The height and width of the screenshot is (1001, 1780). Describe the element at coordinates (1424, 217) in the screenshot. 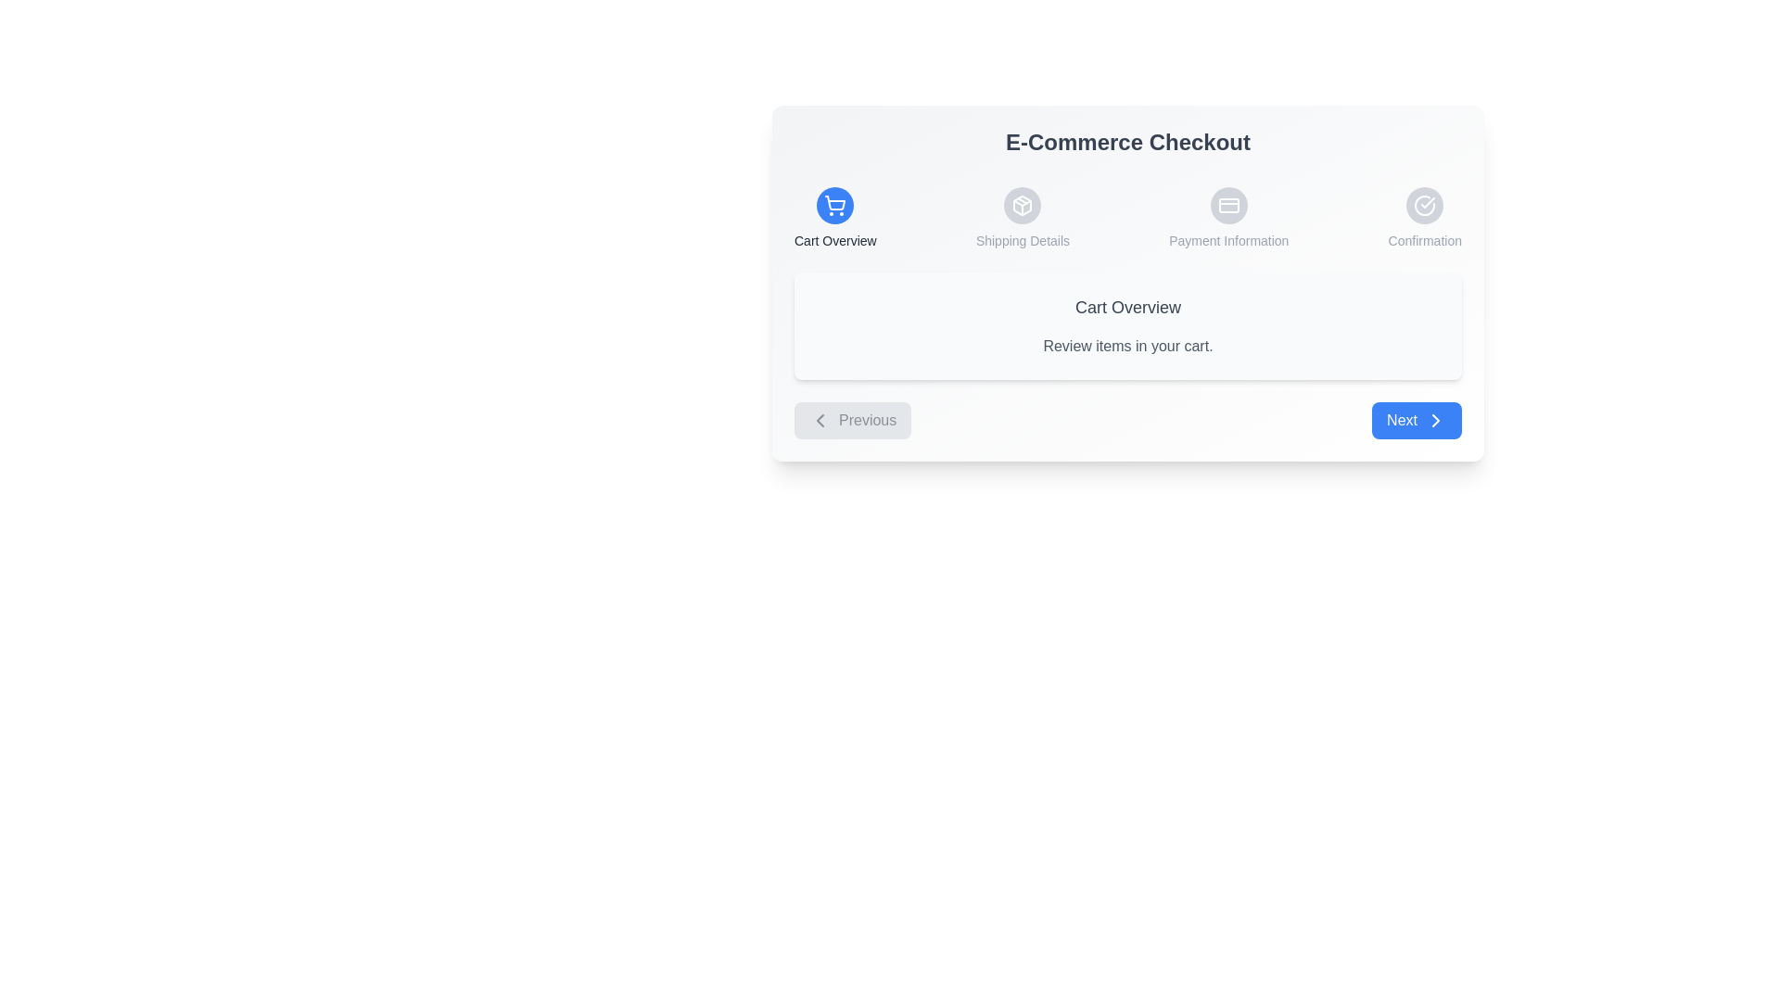

I see `the circular step indicator icon labeled 'Confirmation' in the horizontal progress tracker` at that location.